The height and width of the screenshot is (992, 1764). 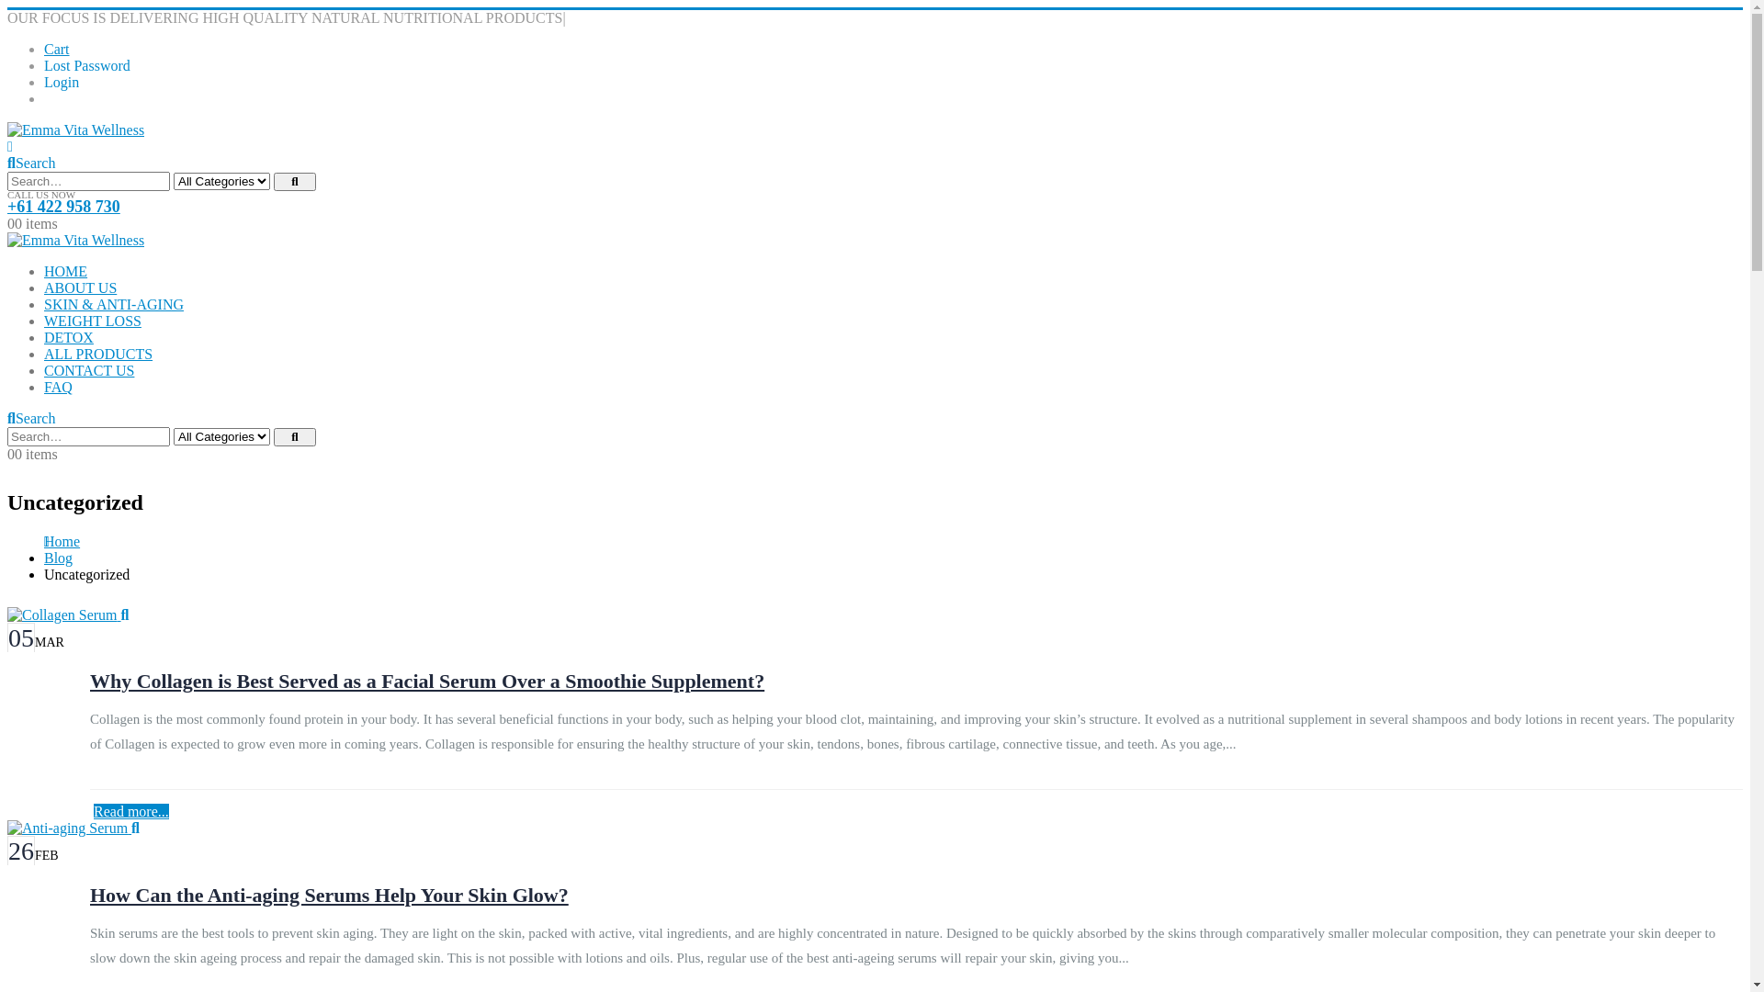 What do you see at coordinates (86, 64) in the screenshot?
I see `'Lost Password'` at bounding box center [86, 64].